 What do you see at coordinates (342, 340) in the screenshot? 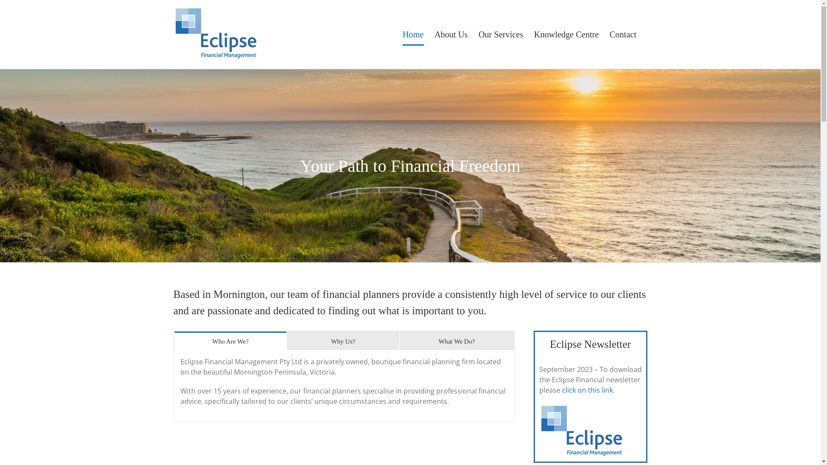
I see `'Why Us?'` at bounding box center [342, 340].